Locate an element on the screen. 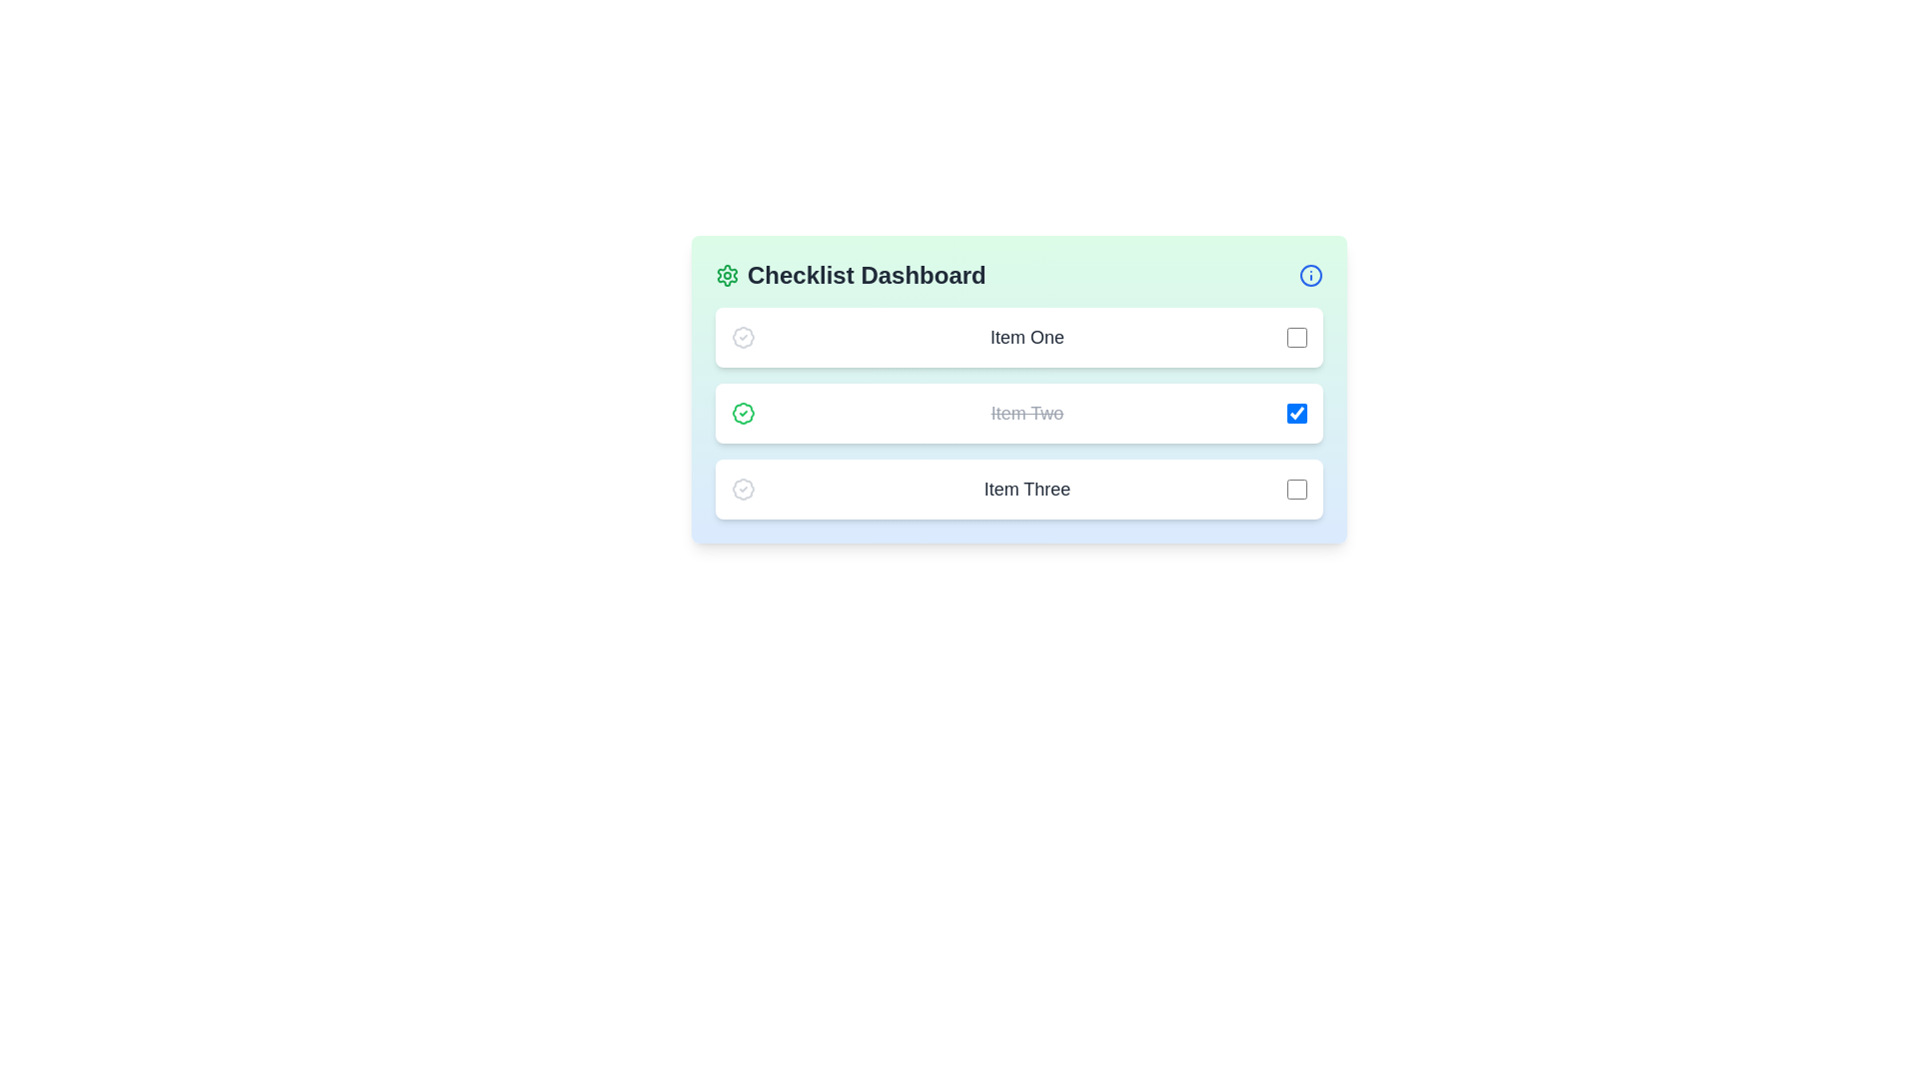  the 'Checklist Dashboard' header element is located at coordinates (851, 276).